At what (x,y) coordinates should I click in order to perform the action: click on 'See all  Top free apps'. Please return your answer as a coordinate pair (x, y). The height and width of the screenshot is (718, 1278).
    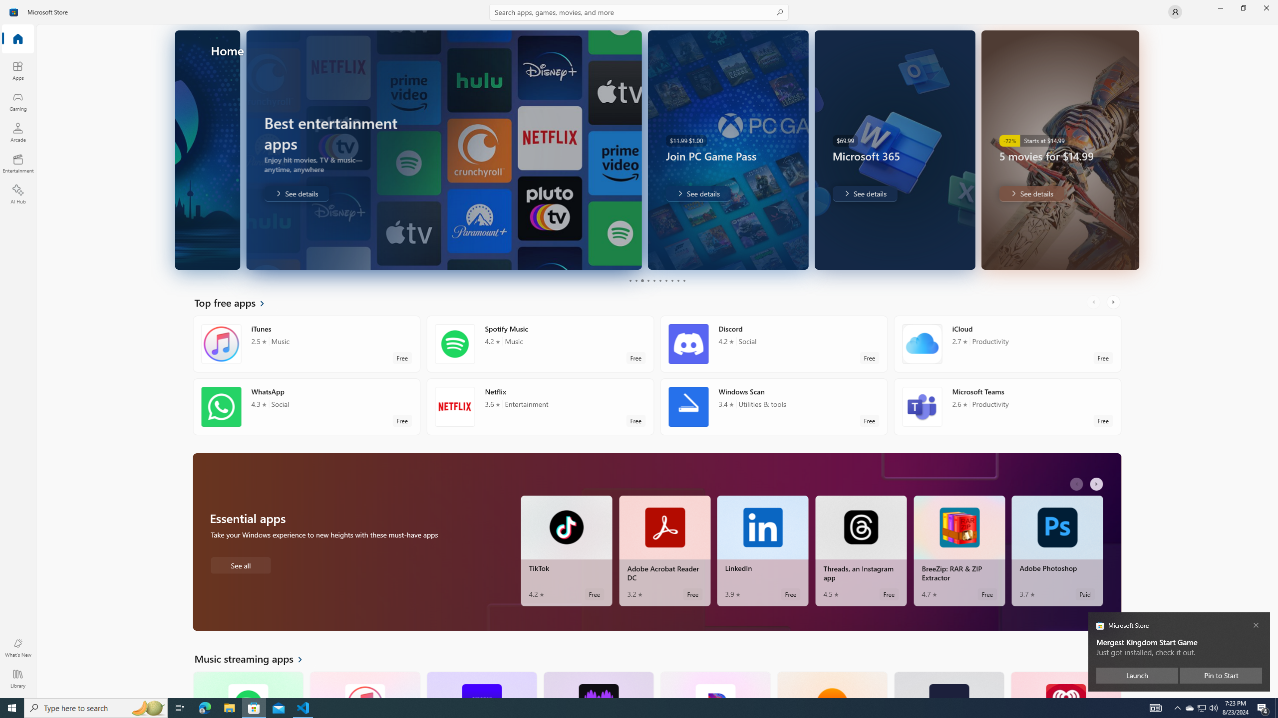
    Looking at the image, I should click on (236, 302).